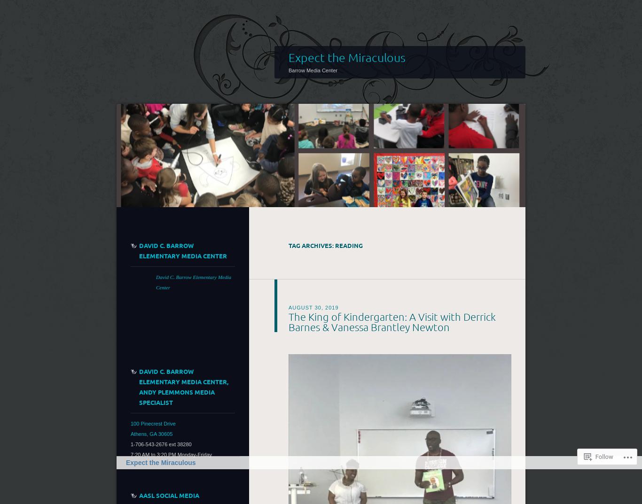  What do you see at coordinates (603, 456) in the screenshot?
I see `'Follow'` at bounding box center [603, 456].